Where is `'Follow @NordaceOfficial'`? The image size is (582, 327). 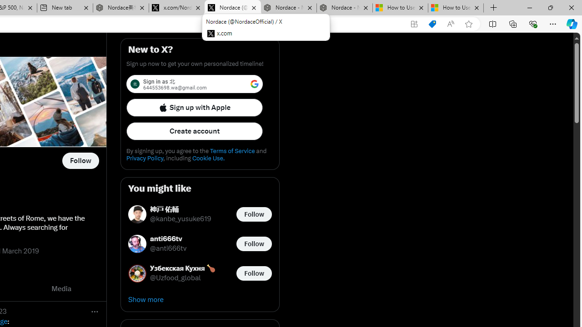
'Follow @NordaceOfficial' is located at coordinates (80, 160).